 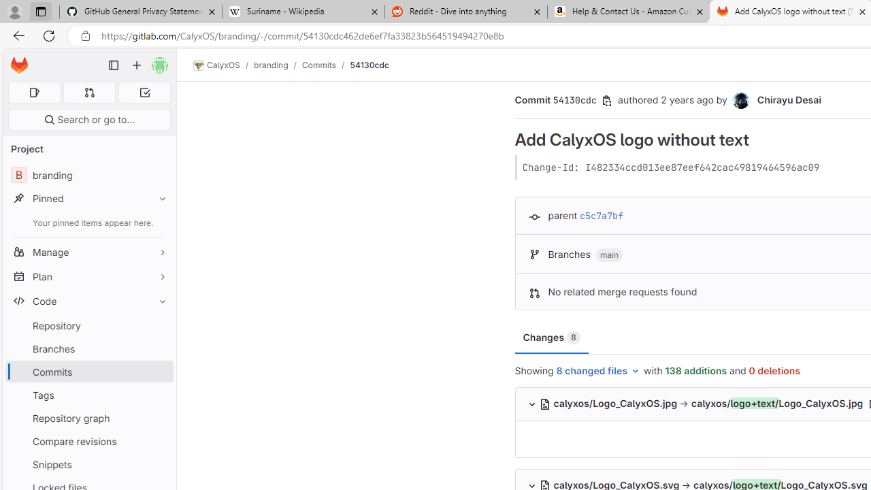 What do you see at coordinates (141, 12) in the screenshot?
I see `'GitHub General Privacy Statement - GitHub Docs'` at bounding box center [141, 12].